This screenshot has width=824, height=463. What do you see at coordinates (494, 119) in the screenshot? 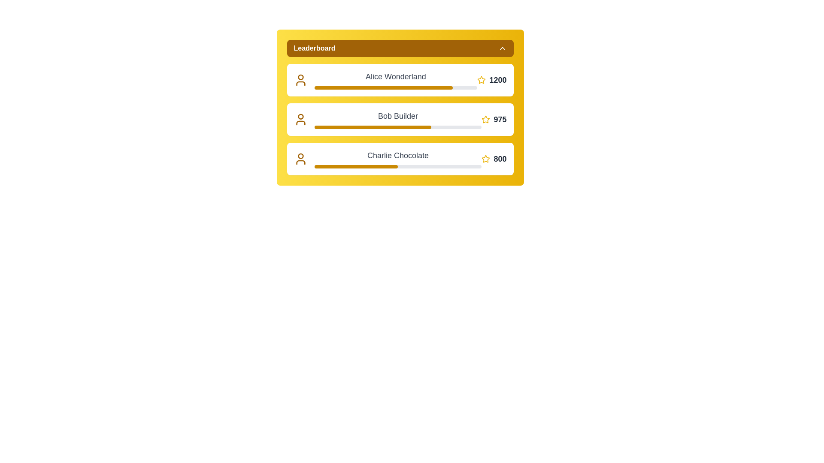
I see `text displayed in the score or rating element associated with 'Bob Builder,' located in the top-right section of his leaderboard entry` at bounding box center [494, 119].